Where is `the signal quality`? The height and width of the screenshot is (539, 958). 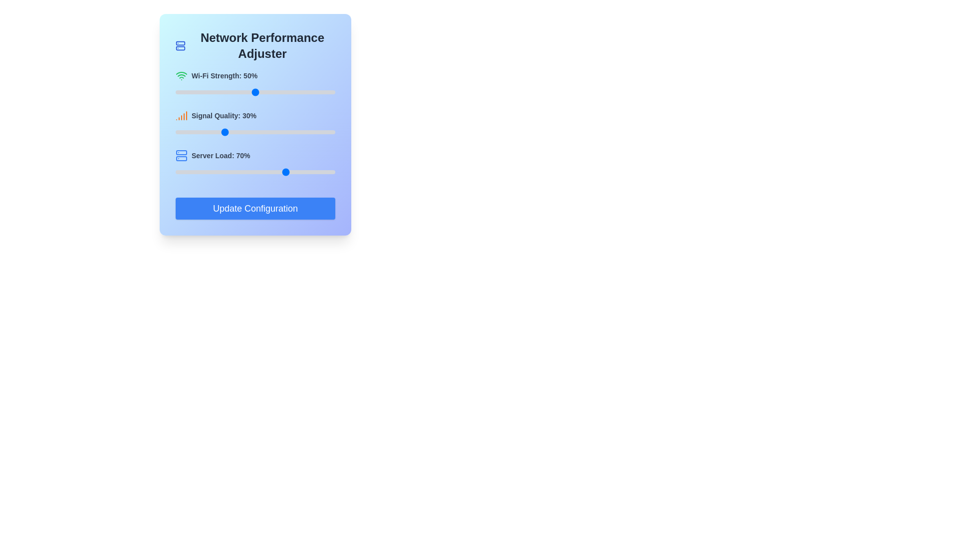
the signal quality is located at coordinates (202, 132).